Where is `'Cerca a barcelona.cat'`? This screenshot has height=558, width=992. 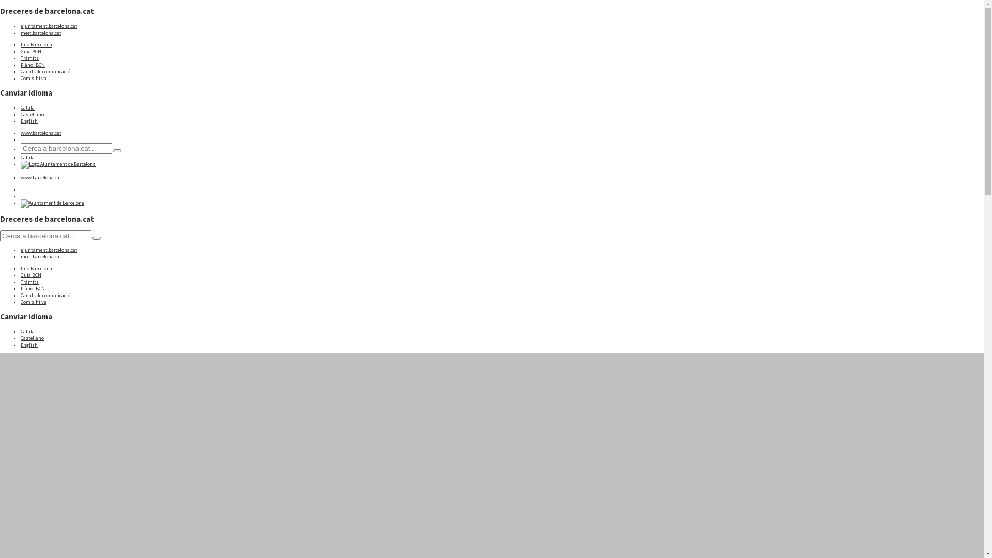 'Cerca a barcelona.cat' is located at coordinates (20, 148).